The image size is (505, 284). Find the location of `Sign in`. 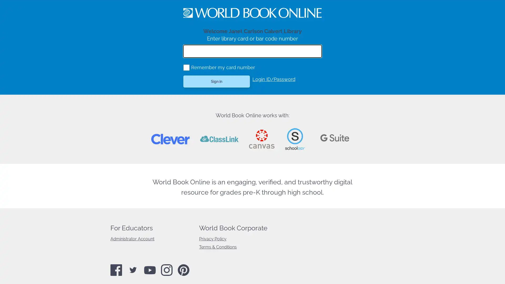

Sign in is located at coordinates (216, 81).